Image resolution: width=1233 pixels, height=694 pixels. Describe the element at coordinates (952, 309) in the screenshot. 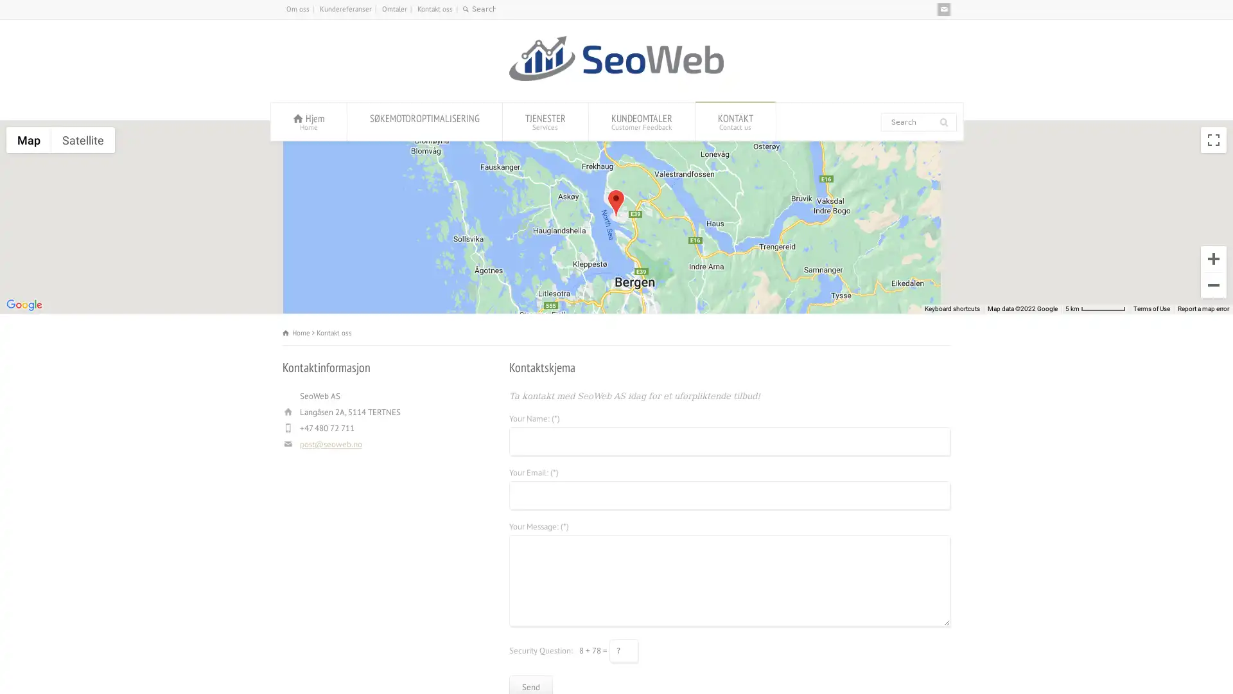

I see `Keyboard shortcuts` at that location.